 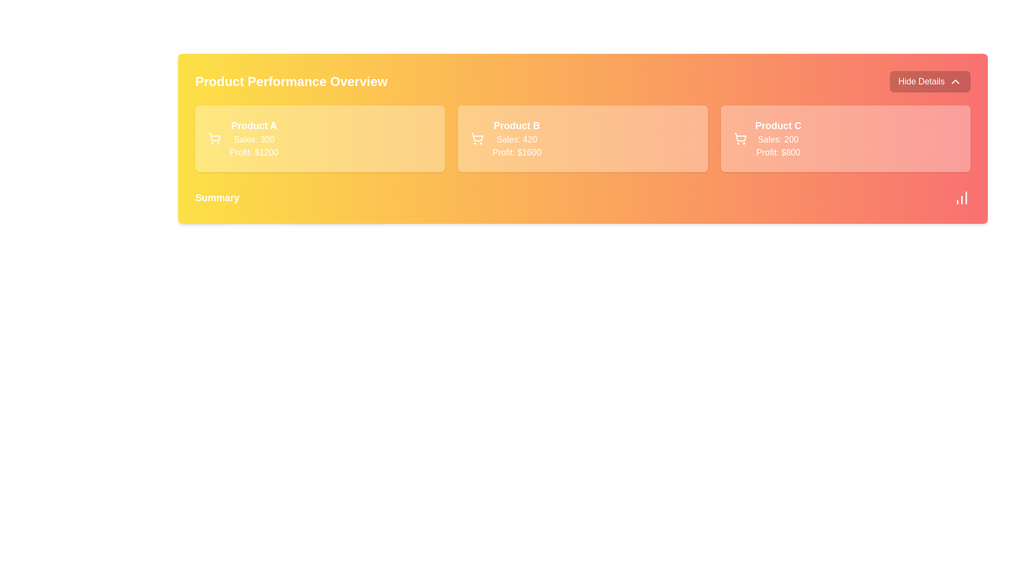 I want to click on the icon located at the bottom-right corner of the 'Summary' section to interact with it, so click(x=962, y=197).